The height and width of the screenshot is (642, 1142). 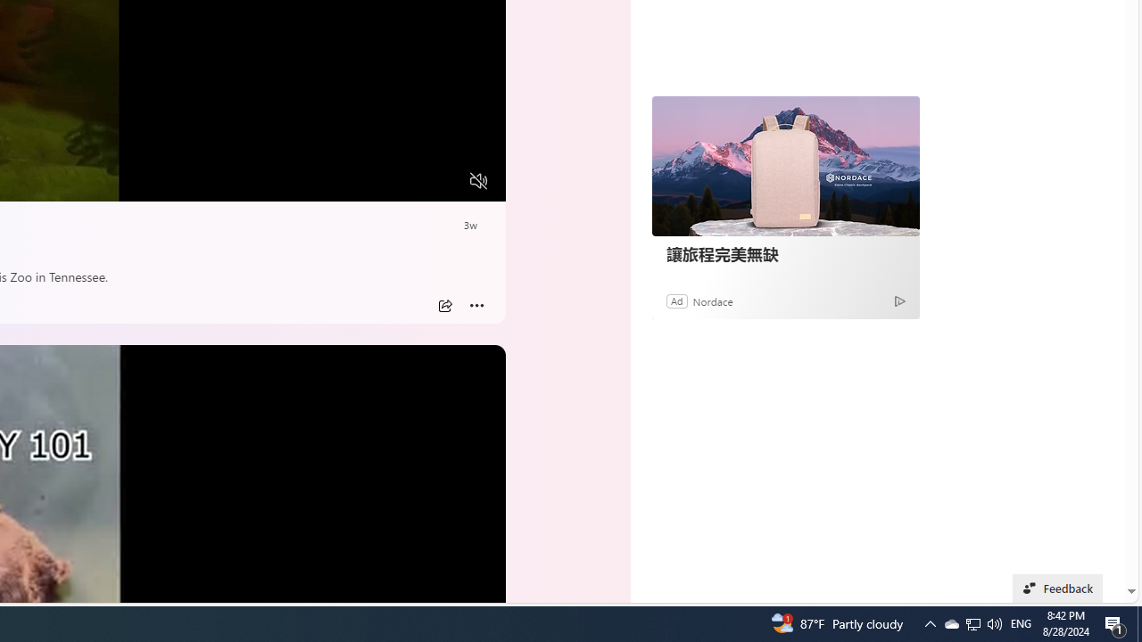 What do you see at coordinates (478, 181) in the screenshot?
I see `'Unmute'` at bounding box center [478, 181].